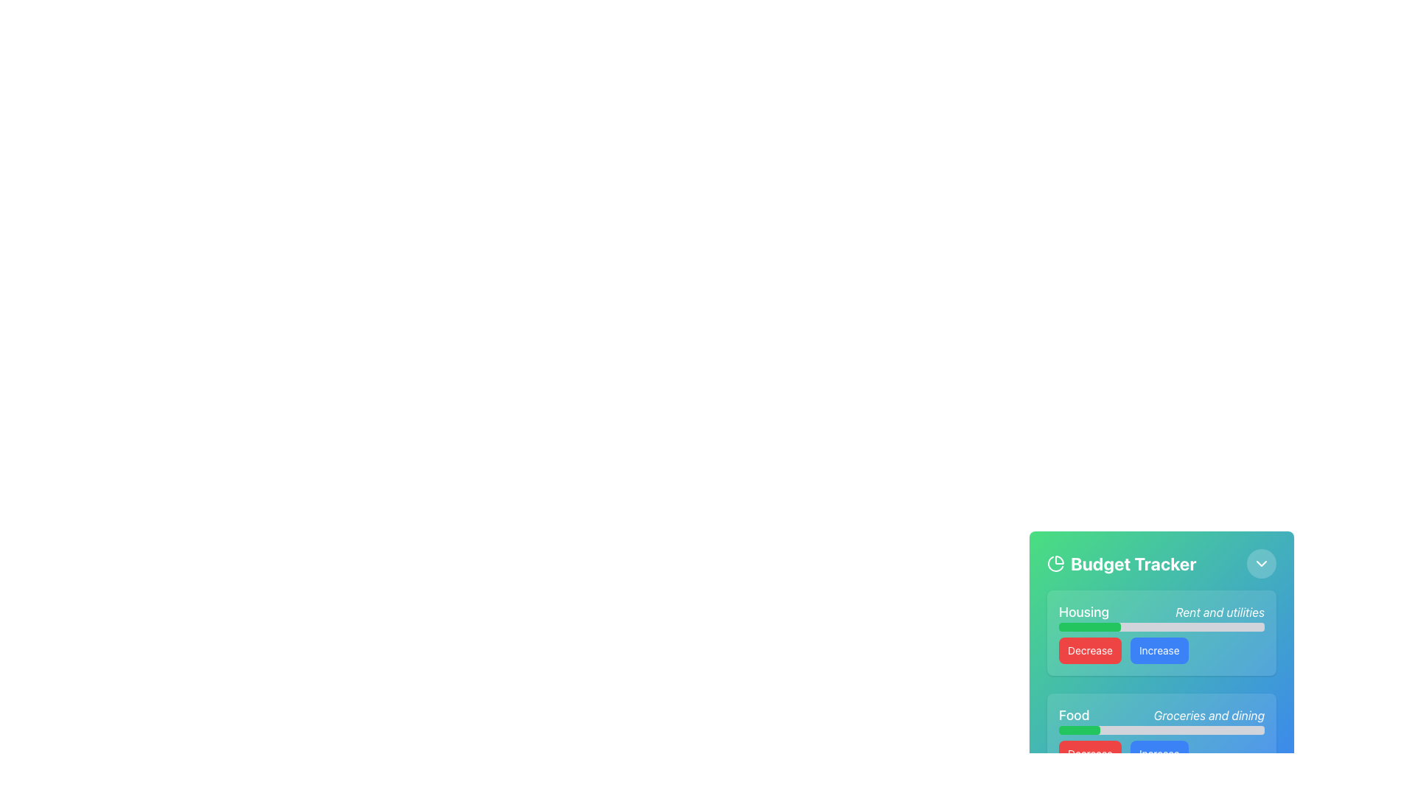  Describe the element at coordinates (1161, 563) in the screenshot. I see `the 'Budget Tracker' header element, which features a bold title with a pie chart icon on the left and a chevron-down icon on the right, set against a gradient green and blue background` at that location.